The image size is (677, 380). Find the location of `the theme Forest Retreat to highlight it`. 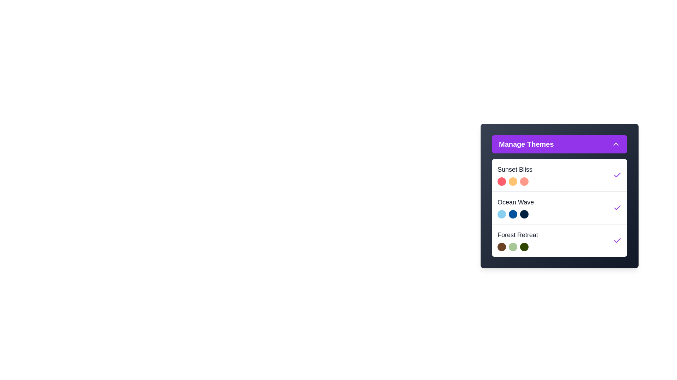

the theme Forest Retreat to highlight it is located at coordinates (559, 240).